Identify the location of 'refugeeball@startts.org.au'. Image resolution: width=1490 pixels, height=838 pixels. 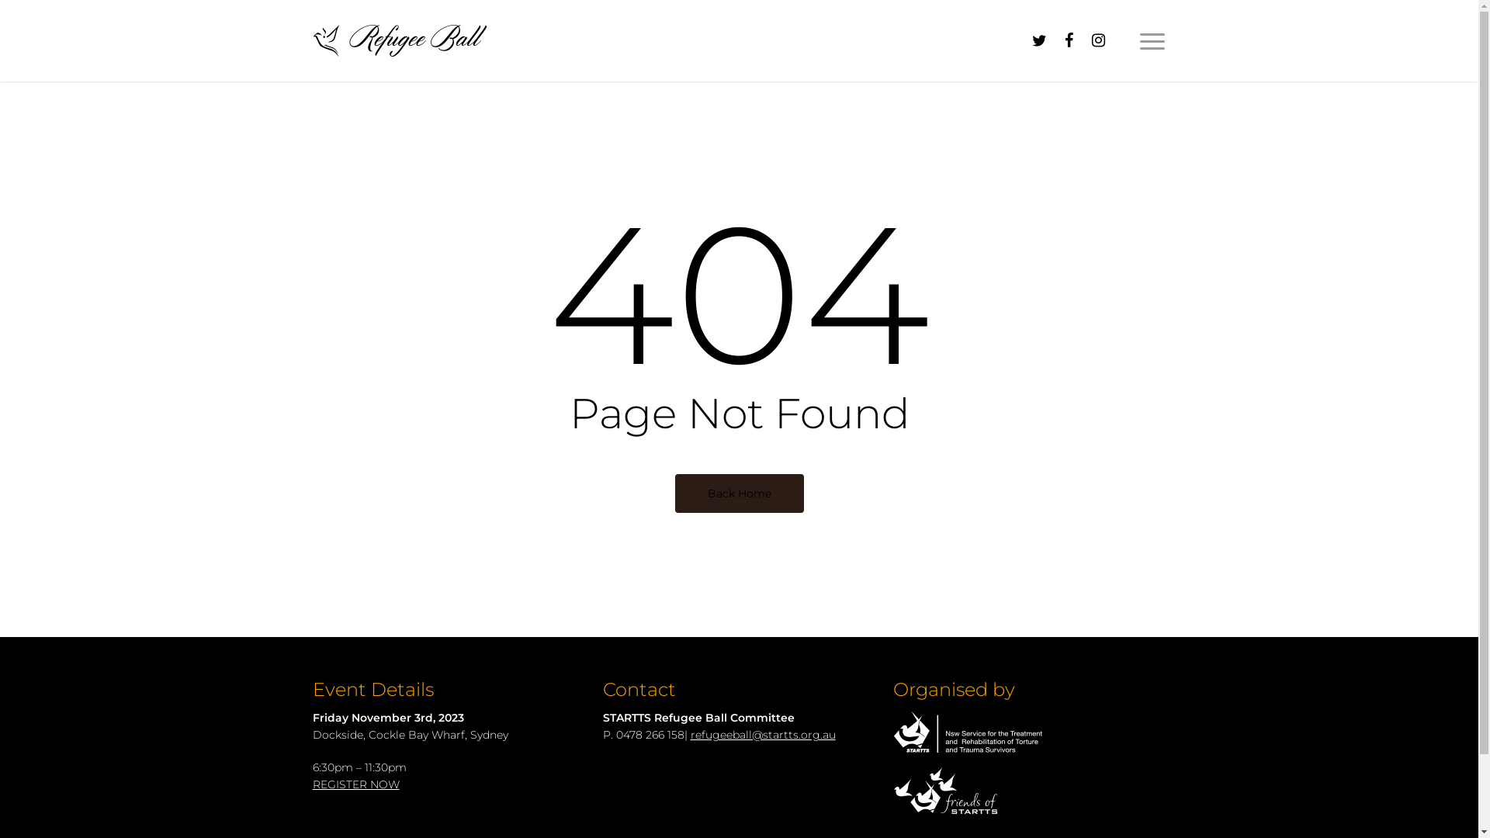
(763, 734).